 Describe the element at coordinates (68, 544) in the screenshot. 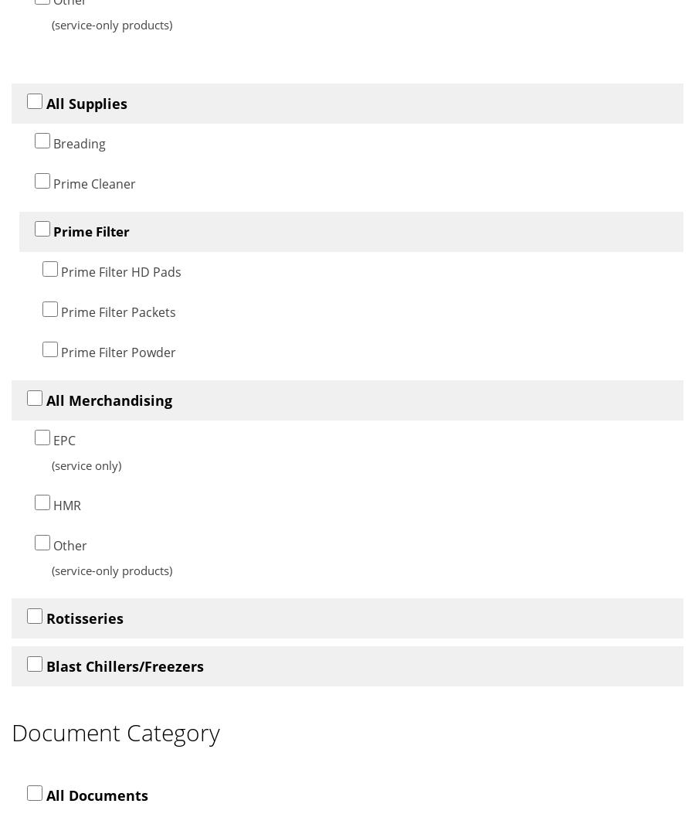

I see `'Other'` at that location.